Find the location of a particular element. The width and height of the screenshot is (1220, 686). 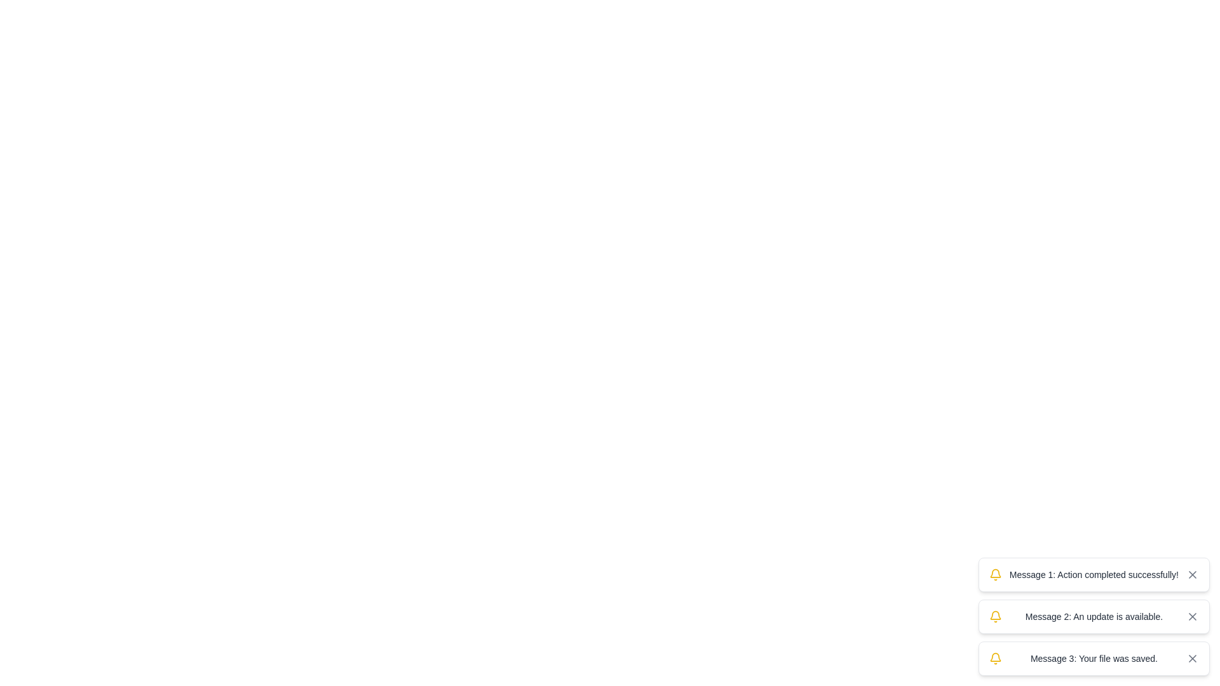

the diagonal line of the 'X' shape within the close button icon is located at coordinates (1191, 575).